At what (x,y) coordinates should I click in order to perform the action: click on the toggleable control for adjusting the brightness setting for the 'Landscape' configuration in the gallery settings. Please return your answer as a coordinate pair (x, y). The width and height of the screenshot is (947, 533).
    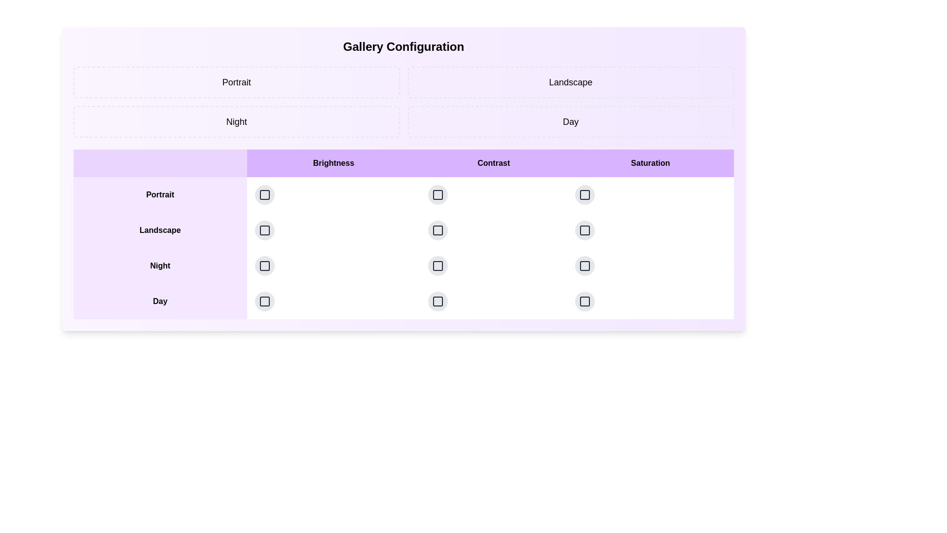
    Looking at the image, I should click on (264, 230).